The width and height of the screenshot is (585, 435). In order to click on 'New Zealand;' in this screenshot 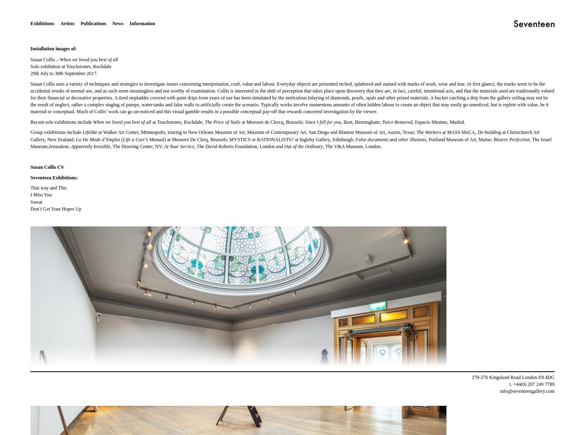, I will do `click(47, 139)`.